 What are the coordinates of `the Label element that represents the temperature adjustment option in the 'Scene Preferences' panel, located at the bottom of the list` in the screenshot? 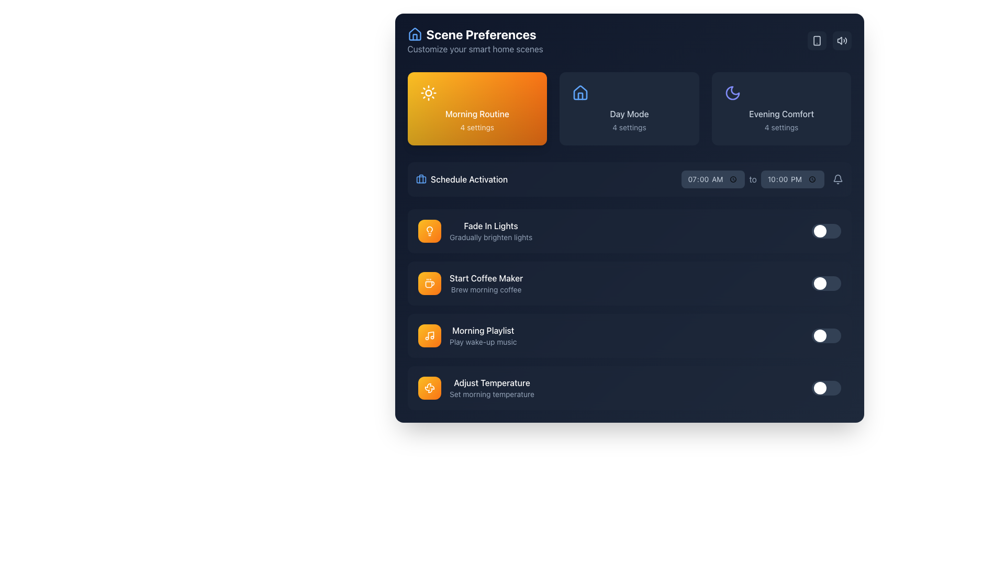 It's located at (475, 388).